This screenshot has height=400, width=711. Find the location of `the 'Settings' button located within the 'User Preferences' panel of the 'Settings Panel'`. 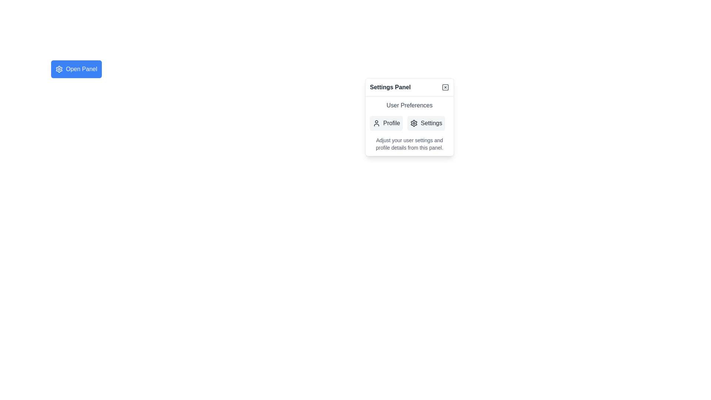

the 'Settings' button located within the 'User Preferences' panel of the 'Settings Panel' is located at coordinates (409, 126).